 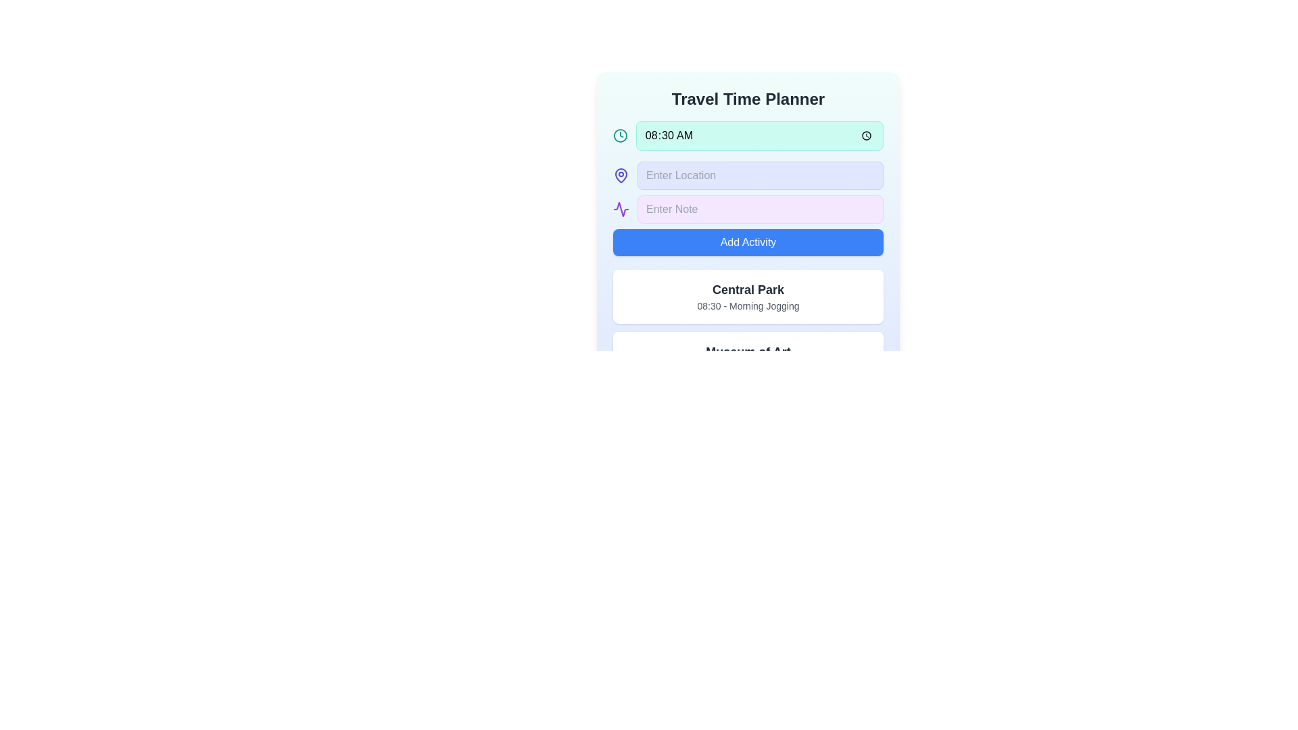 What do you see at coordinates (620, 209) in the screenshot?
I see `the icon located to the left of the 'Enter Note' text input field for interaction` at bounding box center [620, 209].